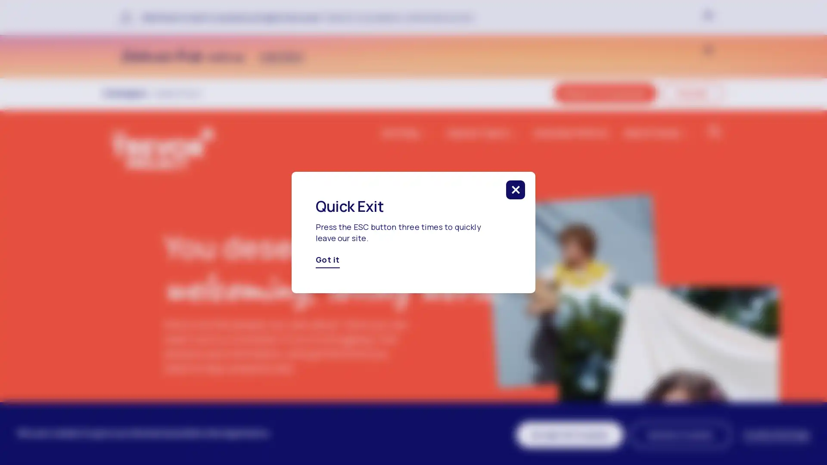 The width and height of the screenshot is (827, 465). Describe the element at coordinates (776, 435) in the screenshot. I see `Cookie Settings` at that location.